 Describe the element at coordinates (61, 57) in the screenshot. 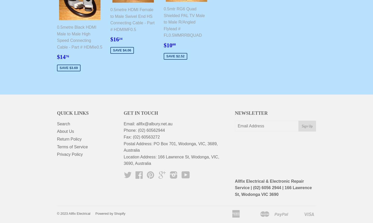

I see `'$14'` at that location.